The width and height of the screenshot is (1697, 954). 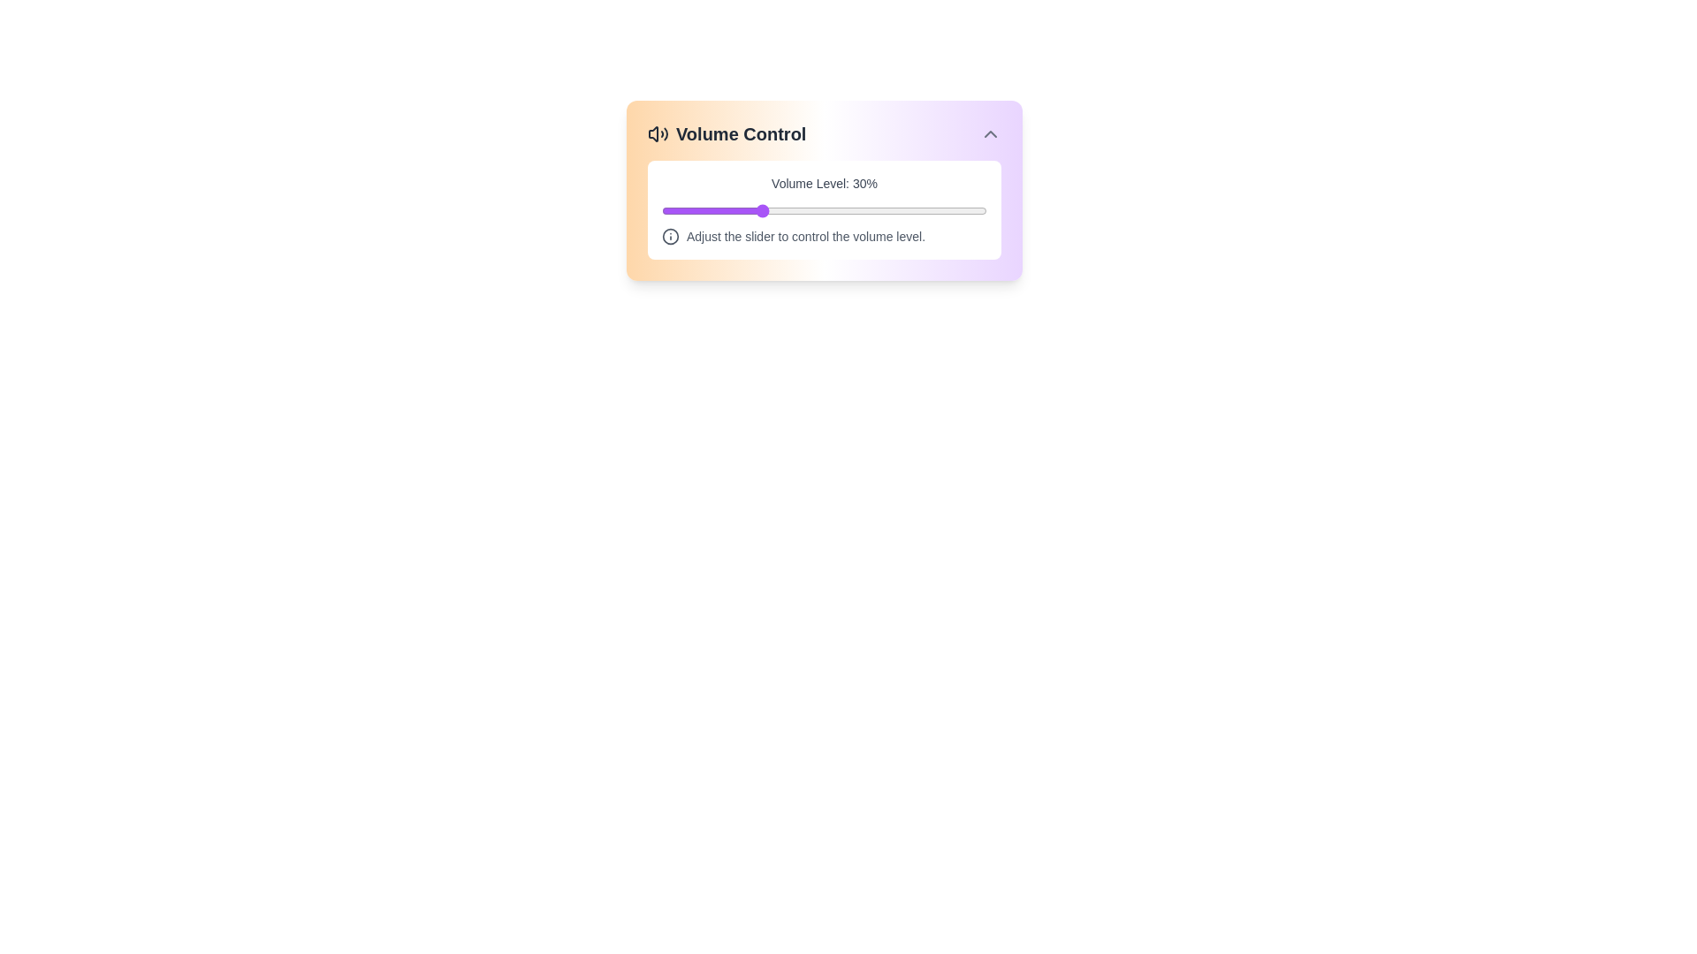 What do you see at coordinates (956, 210) in the screenshot?
I see `the volume slider to set the volume to 91%` at bounding box center [956, 210].